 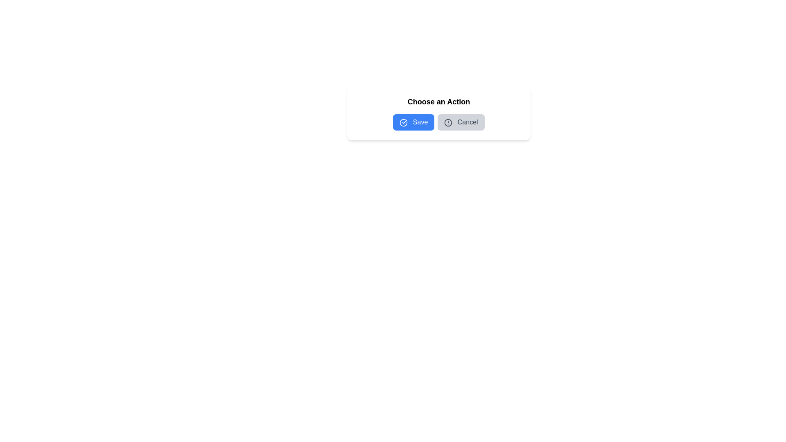 What do you see at coordinates (438, 113) in the screenshot?
I see `the 'Save' button in the dialog box titled 'Choose an Action', which is visually characterized by a white background and rounded corners` at bounding box center [438, 113].